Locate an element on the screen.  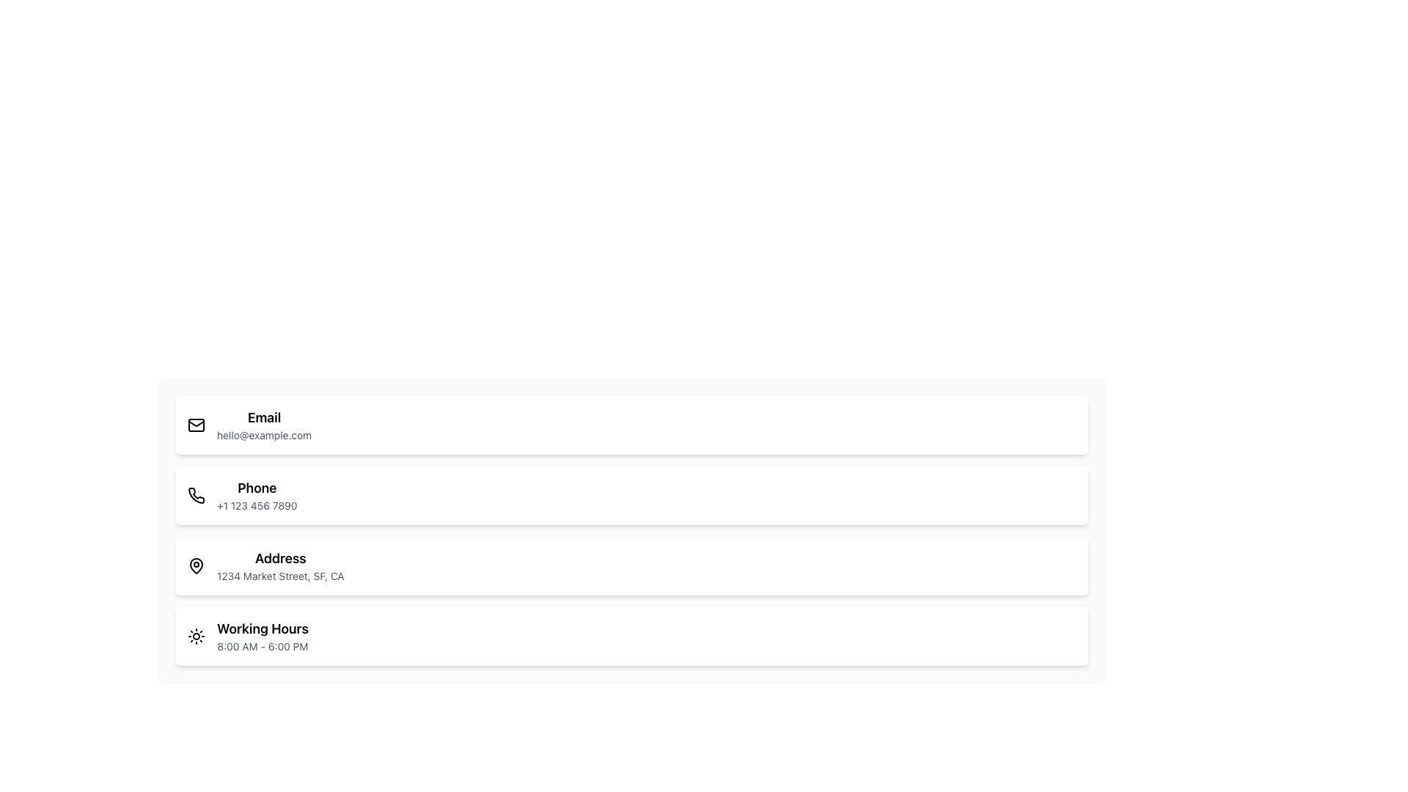
the email display component that shows 'Email' and 'hello@example.com', located in the first card of a vertical list of cards is located at coordinates (264, 425).